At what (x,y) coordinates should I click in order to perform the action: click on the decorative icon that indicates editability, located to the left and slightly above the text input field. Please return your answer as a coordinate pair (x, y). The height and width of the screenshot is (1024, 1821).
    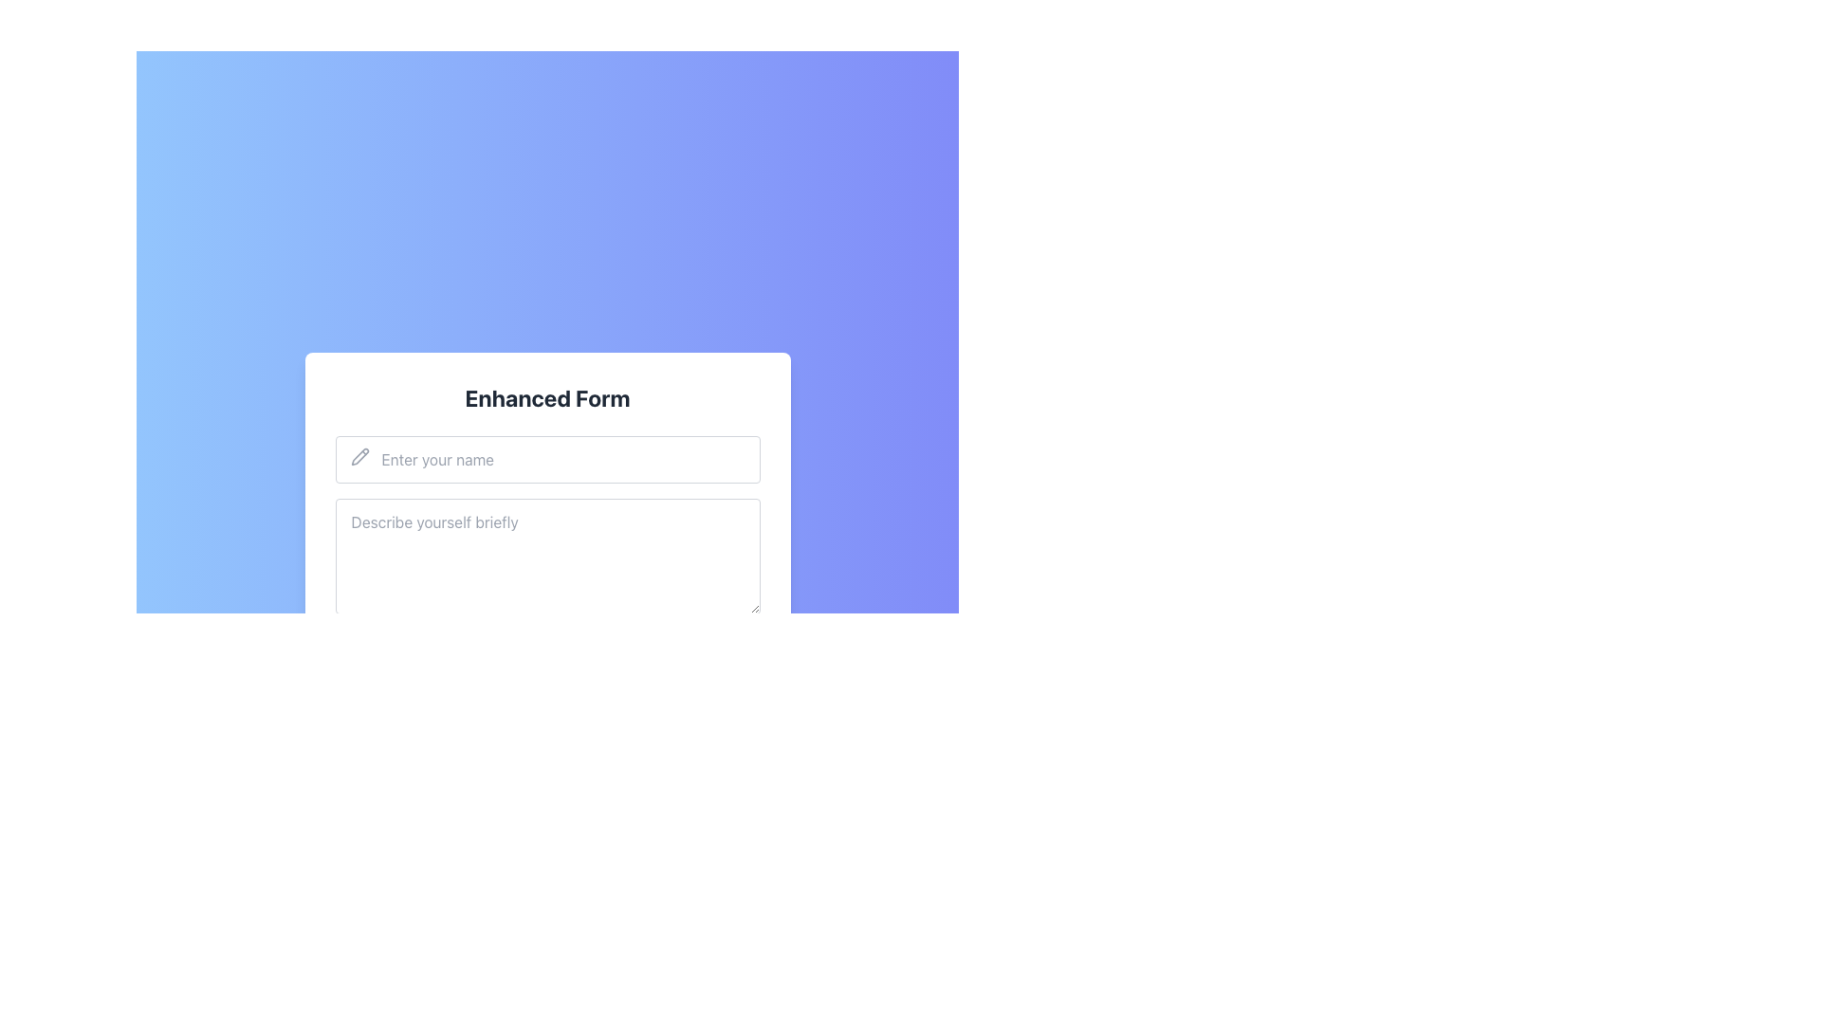
    Looking at the image, I should click on (359, 457).